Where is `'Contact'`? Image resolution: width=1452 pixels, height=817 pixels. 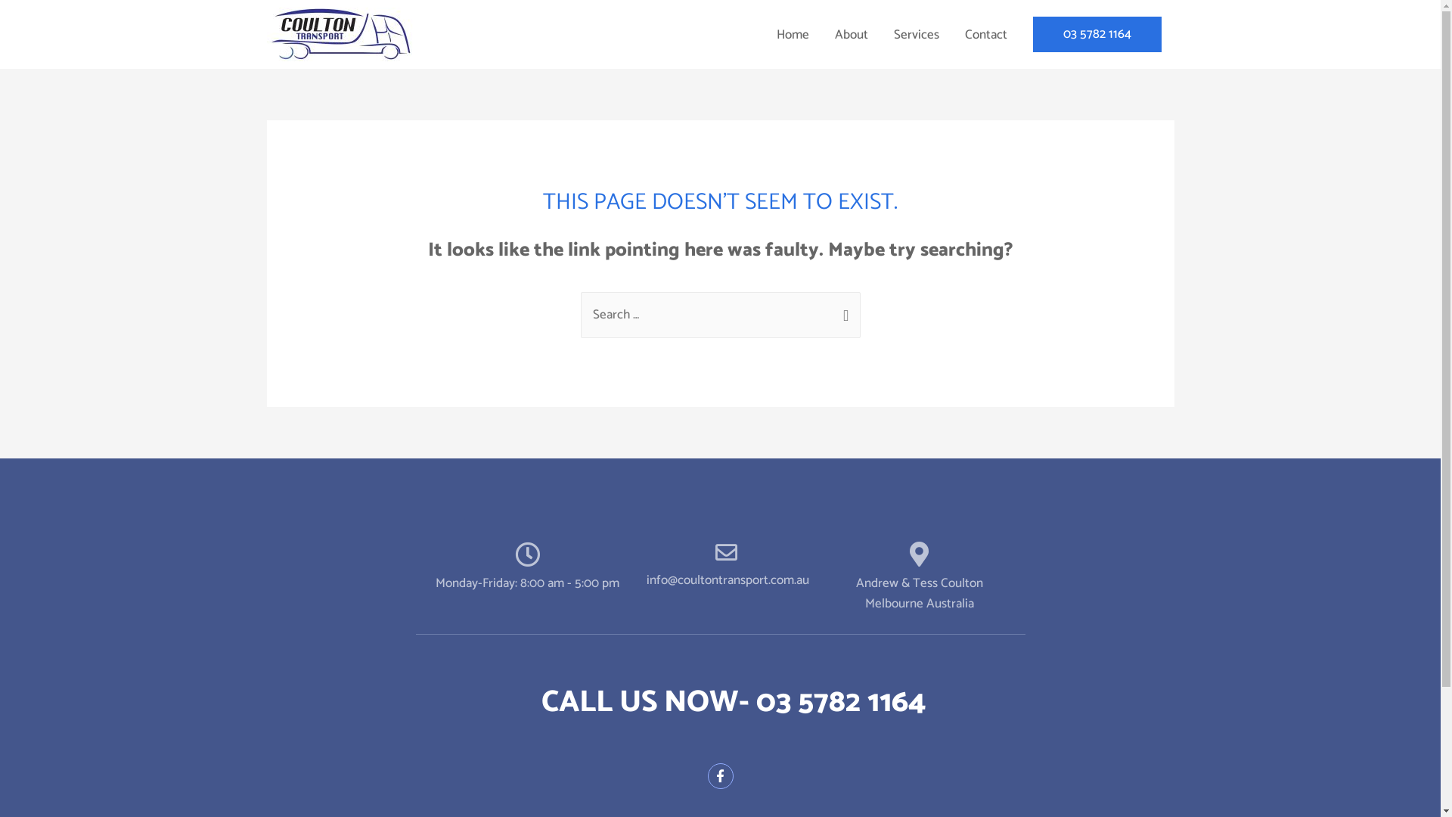 'Contact' is located at coordinates (985, 34).